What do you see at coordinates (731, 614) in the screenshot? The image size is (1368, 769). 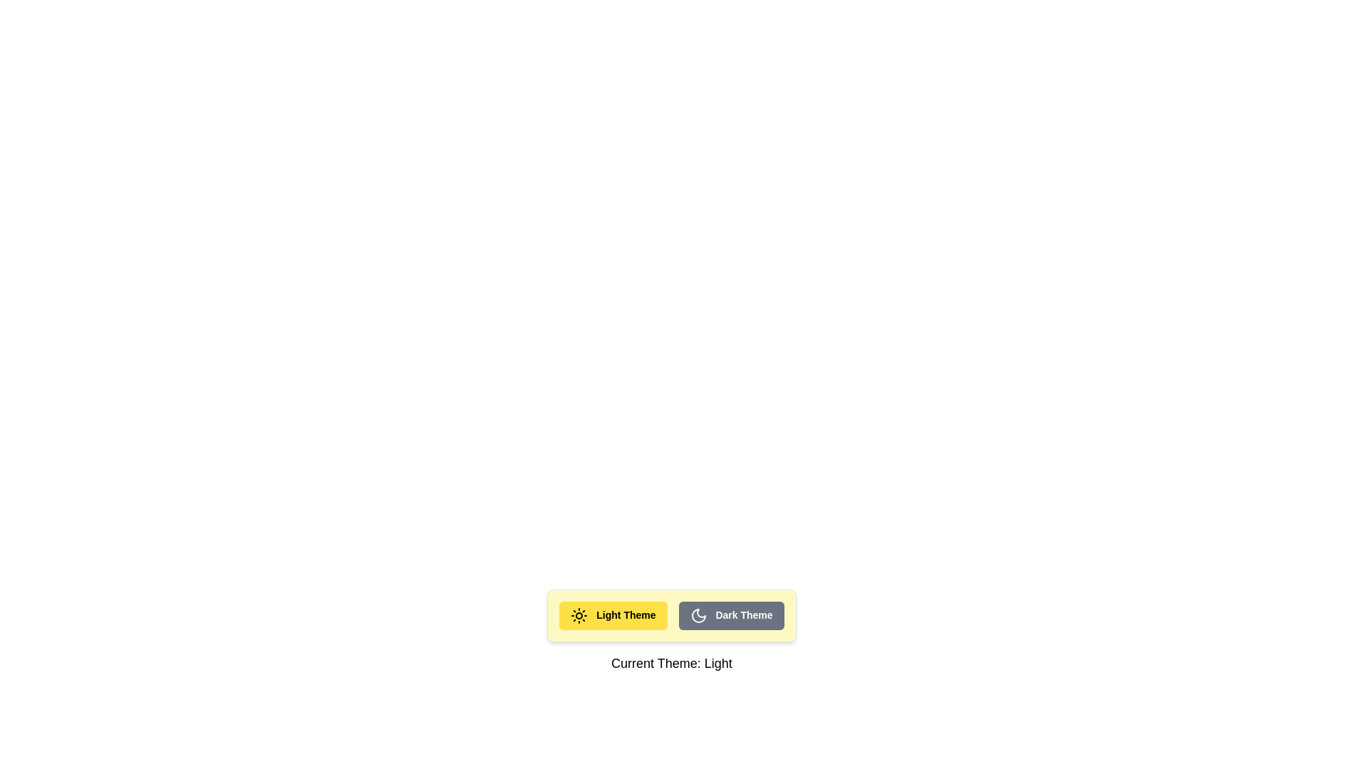 I see `the 'Dark Theme' button, which is a rounded rectangle with a gray background and white text` at bounding box center [731, 614].